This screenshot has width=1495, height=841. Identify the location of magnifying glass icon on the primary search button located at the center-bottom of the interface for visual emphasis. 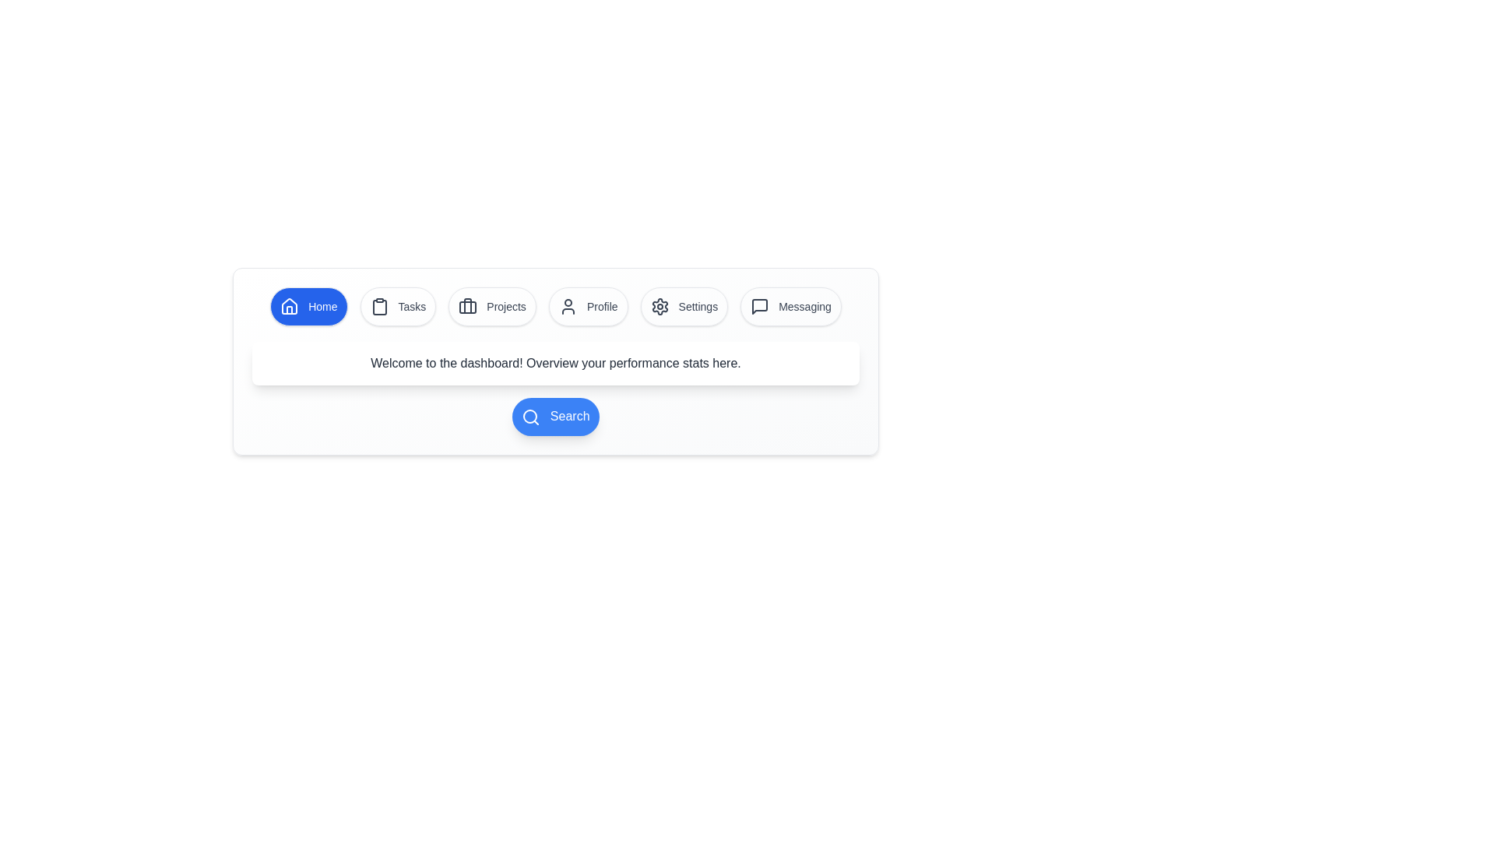
(556, 416).